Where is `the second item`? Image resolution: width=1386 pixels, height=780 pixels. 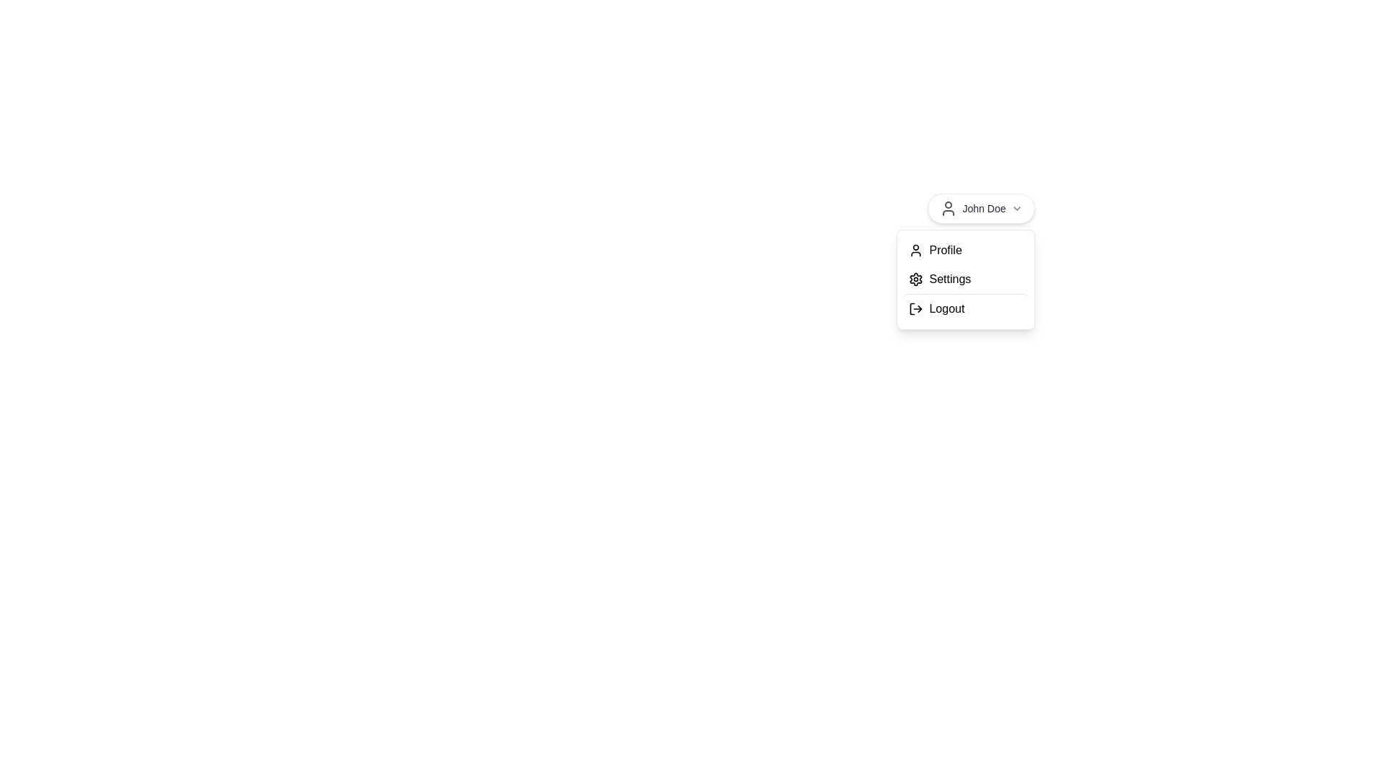
the second item is located at coordinates (966, 279).